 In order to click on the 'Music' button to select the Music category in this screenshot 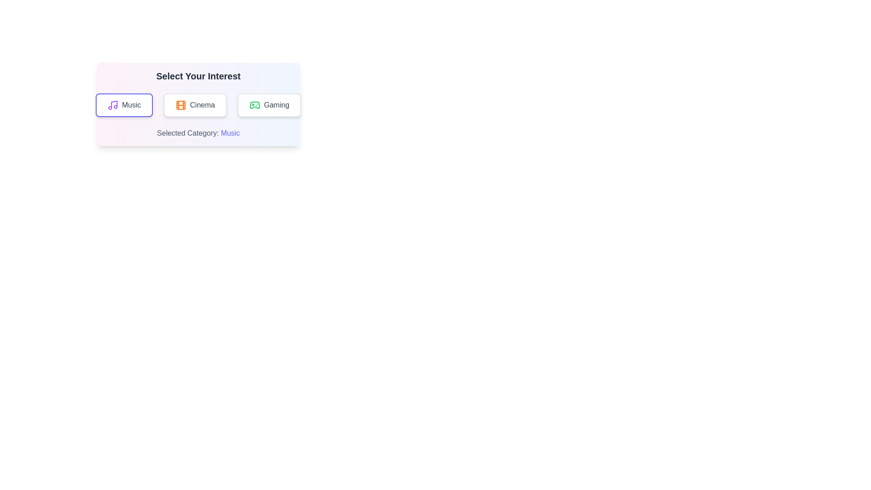, I will do `click(123, 104)`.